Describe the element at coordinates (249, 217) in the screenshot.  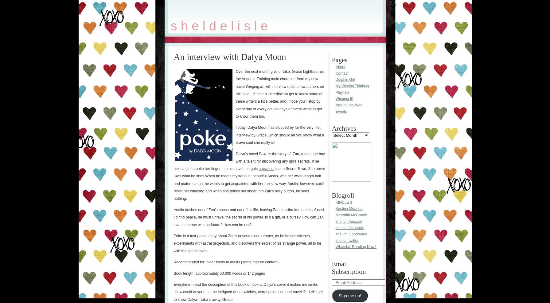
I see `'Austin dashes out of Zan’s house and out of his life, leaving Zan heartbroken and confused. To find peace, he must unravel the secret of his power. Is it a gift, or a curse? How can Zan love someone with no future? How can he not?'` at that location.